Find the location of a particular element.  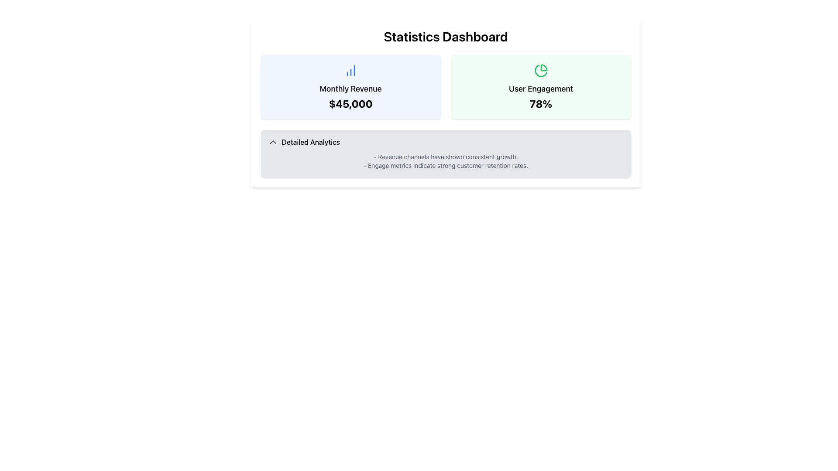

the icon resembling a downward-pointing chevron, positioned to the left of the text 'Detailed Analytics' is located at coordinates (272, 142).